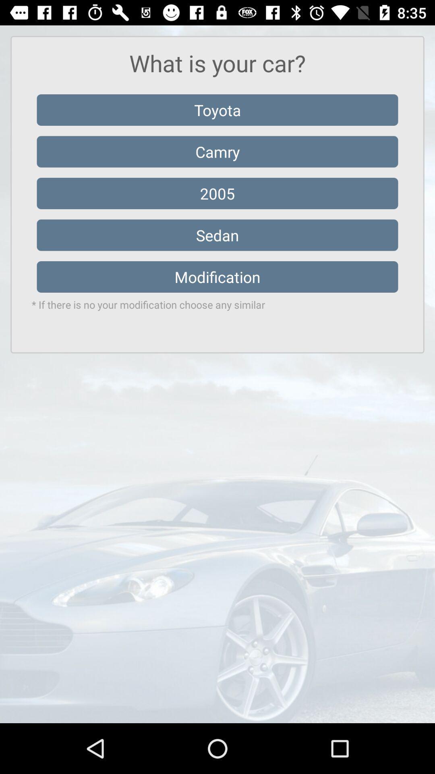 The width and height of the screenshot is (435, 774). What do you see at coordinates (217, 235) in the screenshot?
I see `icon above modification` at bounding box center [217, 235].